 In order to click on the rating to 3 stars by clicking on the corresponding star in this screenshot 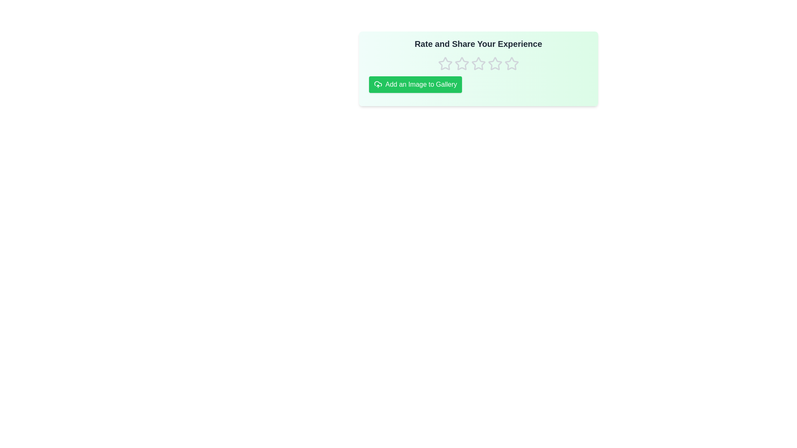, I will do `click(478, 63)`.